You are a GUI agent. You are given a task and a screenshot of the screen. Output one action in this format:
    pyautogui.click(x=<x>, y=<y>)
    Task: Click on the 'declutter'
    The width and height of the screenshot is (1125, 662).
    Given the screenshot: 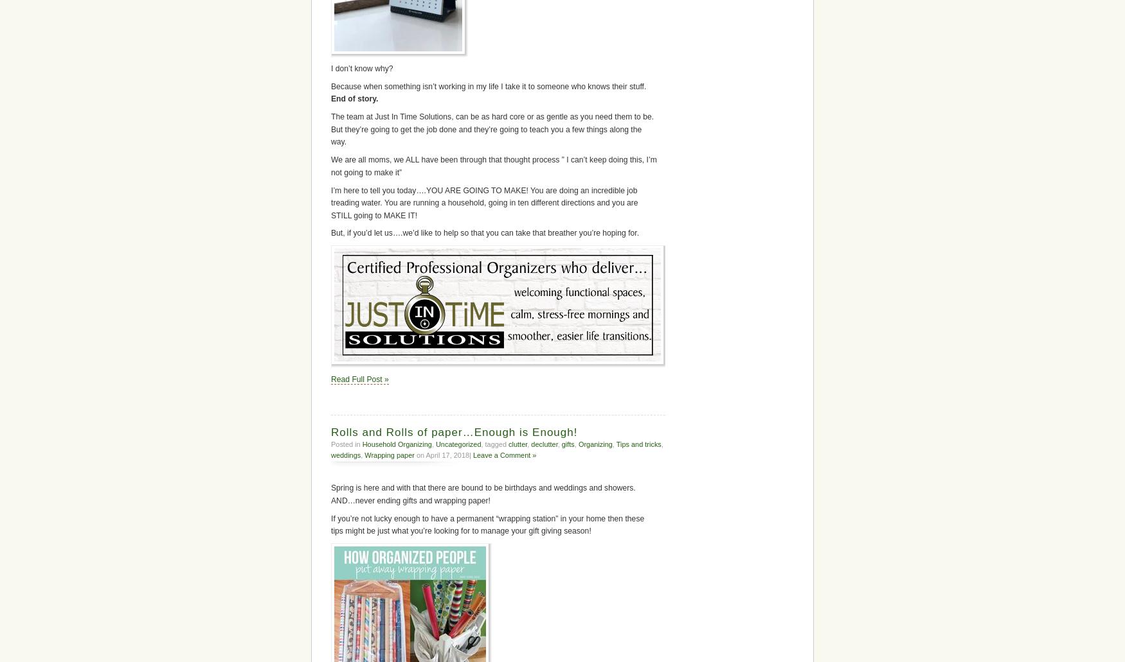 What is the action you would take?
    pyautogui.click(x=544, y=443)
    